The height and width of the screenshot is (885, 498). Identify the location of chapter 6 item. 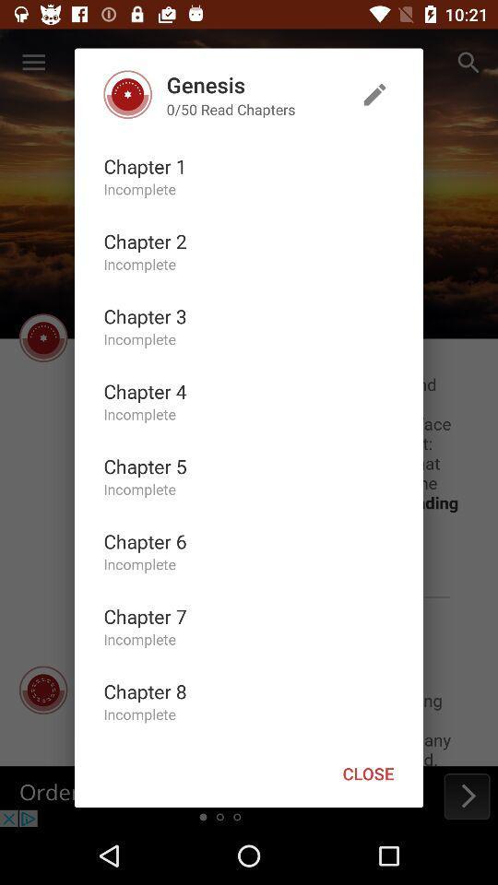
(144, 541).